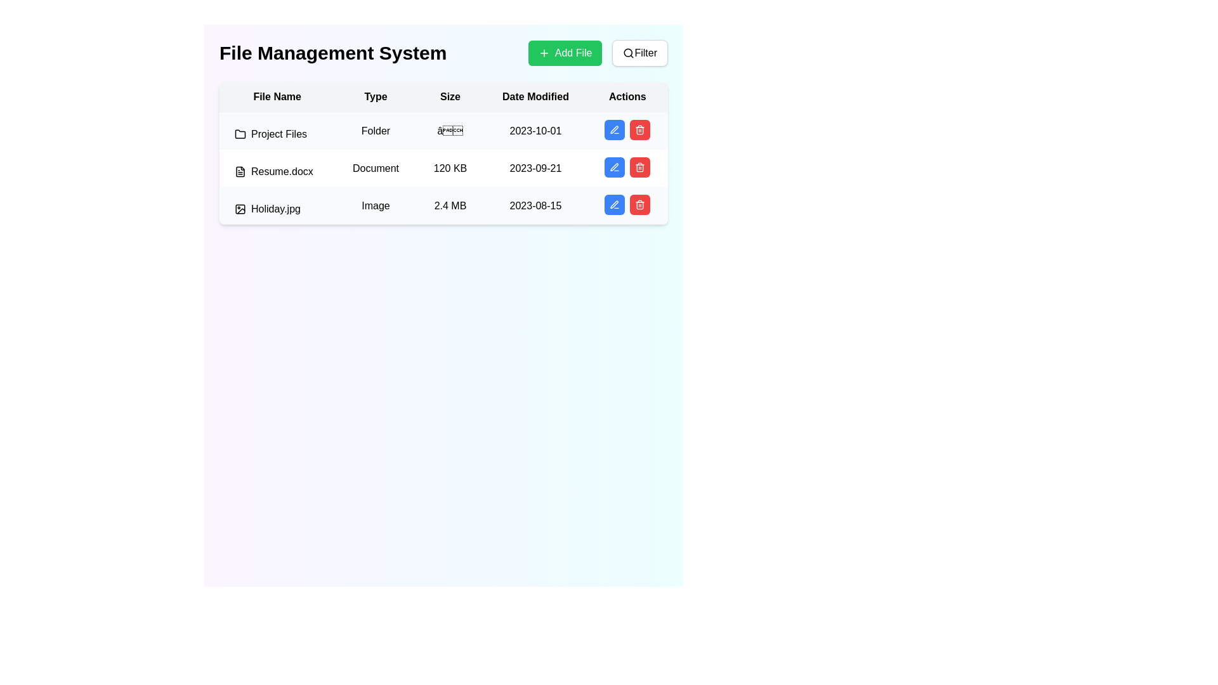 Image resolution: width=1218 pixels, height=685 pixels. Describe the element at coordinates (615, 129) in the screenshot. I see `the square-shaped blue button with a white pen icon located in the first row of the table under the 'Actions' column` at that location.